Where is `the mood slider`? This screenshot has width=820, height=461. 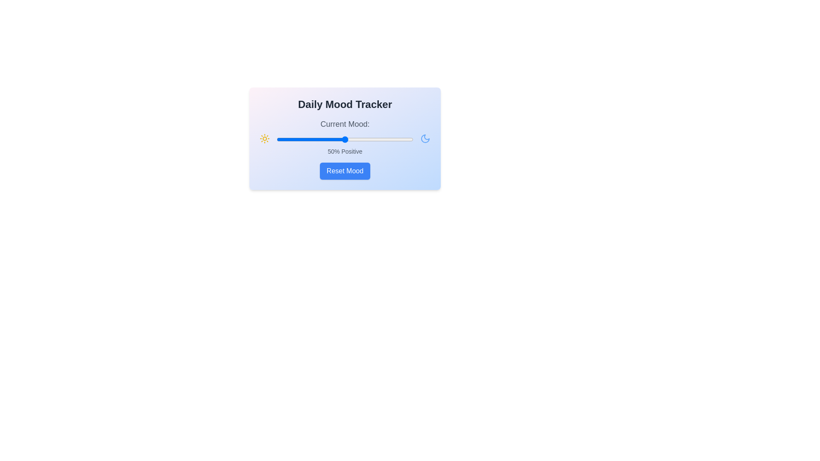 the mood slider is located at coordinates (324, 139).